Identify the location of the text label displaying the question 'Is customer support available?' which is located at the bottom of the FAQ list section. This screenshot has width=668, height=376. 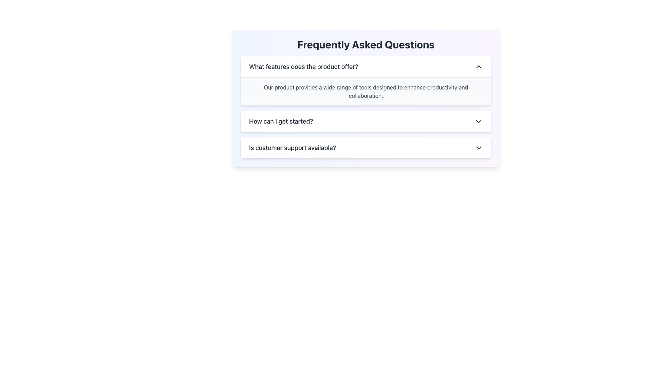
(292, 147).